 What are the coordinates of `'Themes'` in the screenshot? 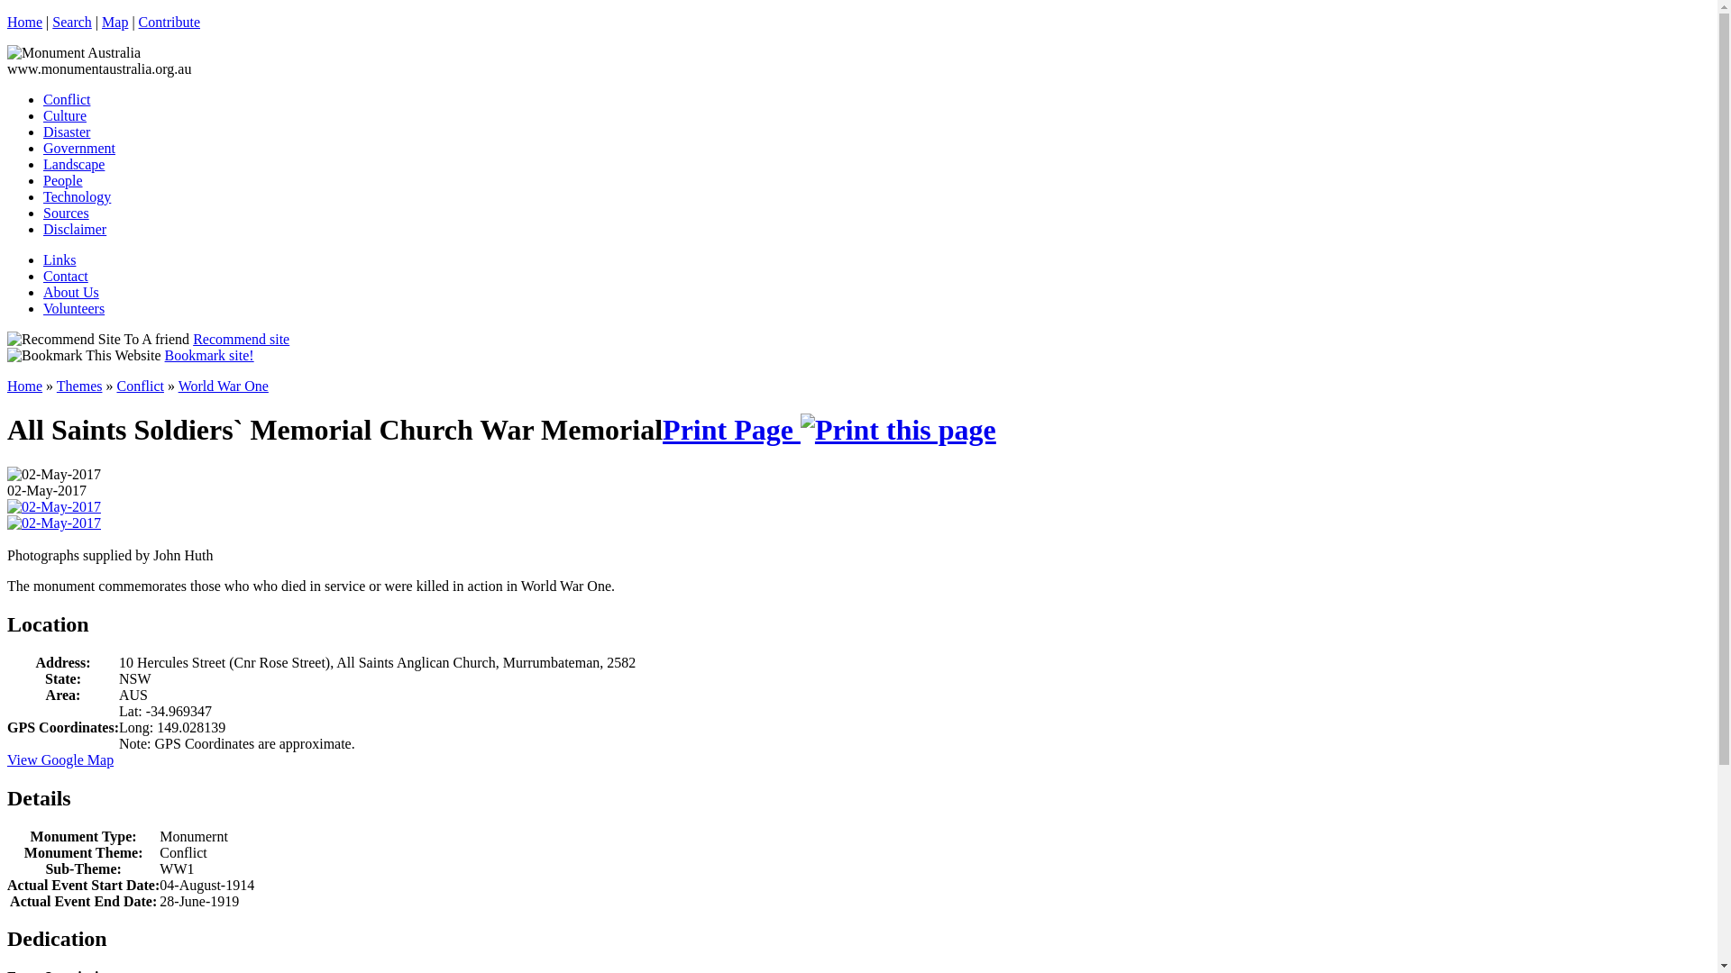 It's located at (78, 385).